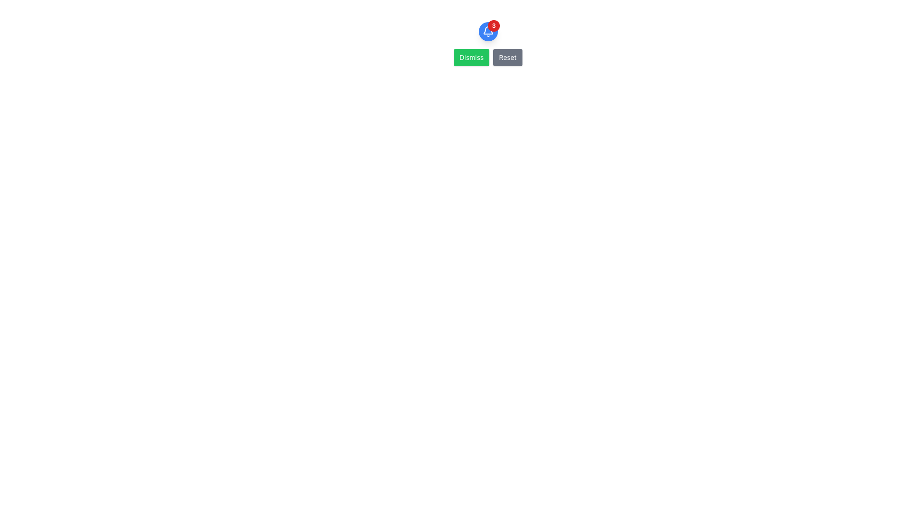  I want to click on the bell icon representing notifications, which is situated within a circular blue background at the top-center of the interface, so click(488, 31).